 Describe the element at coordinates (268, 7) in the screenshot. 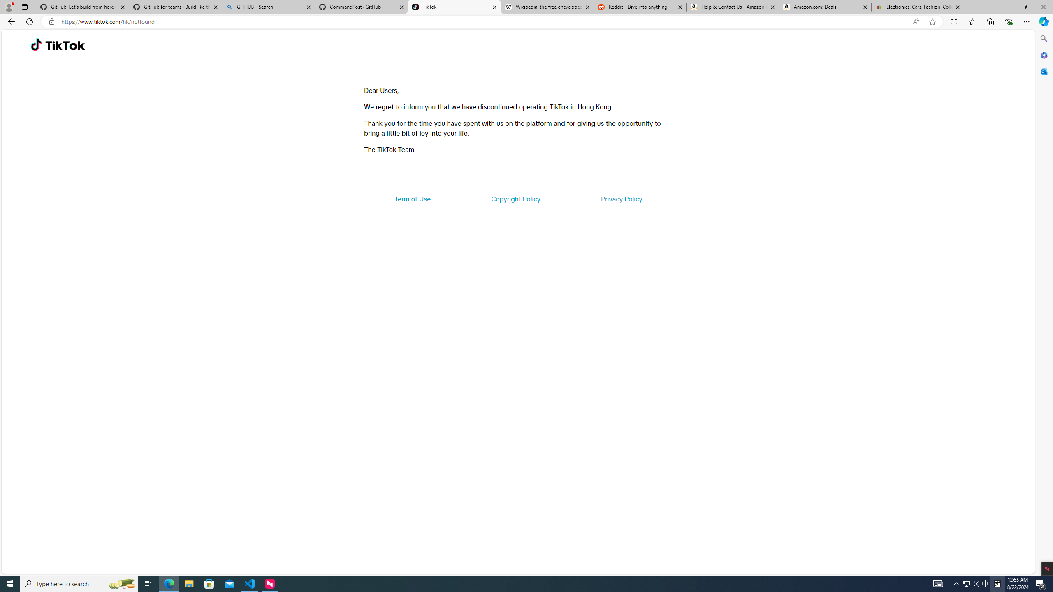

I see `'GITHUB - Search'` at that location.